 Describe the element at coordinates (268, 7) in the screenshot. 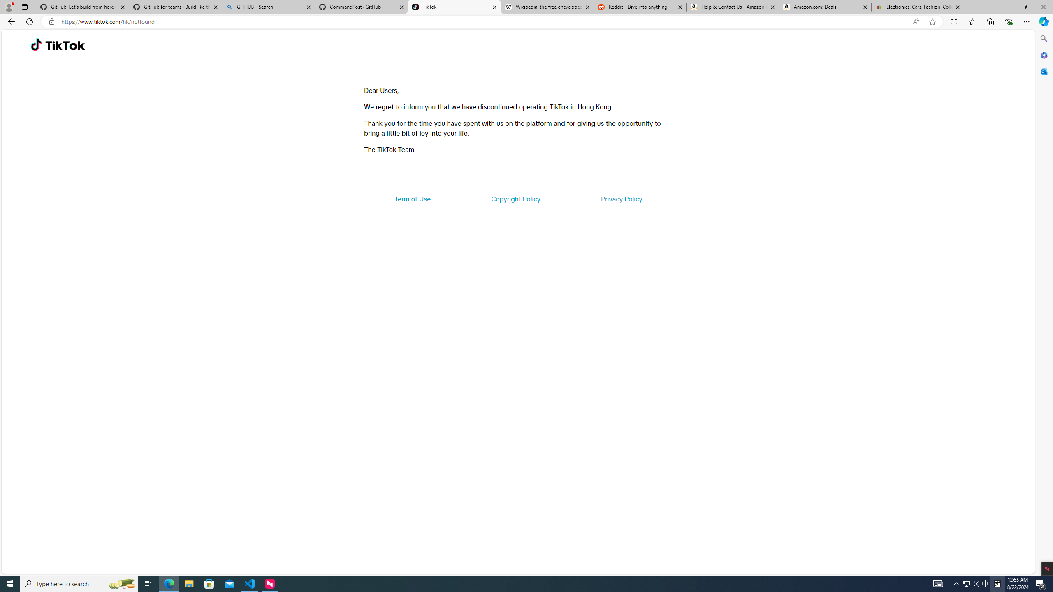

I see `'GITHUB - Search'` at that location.